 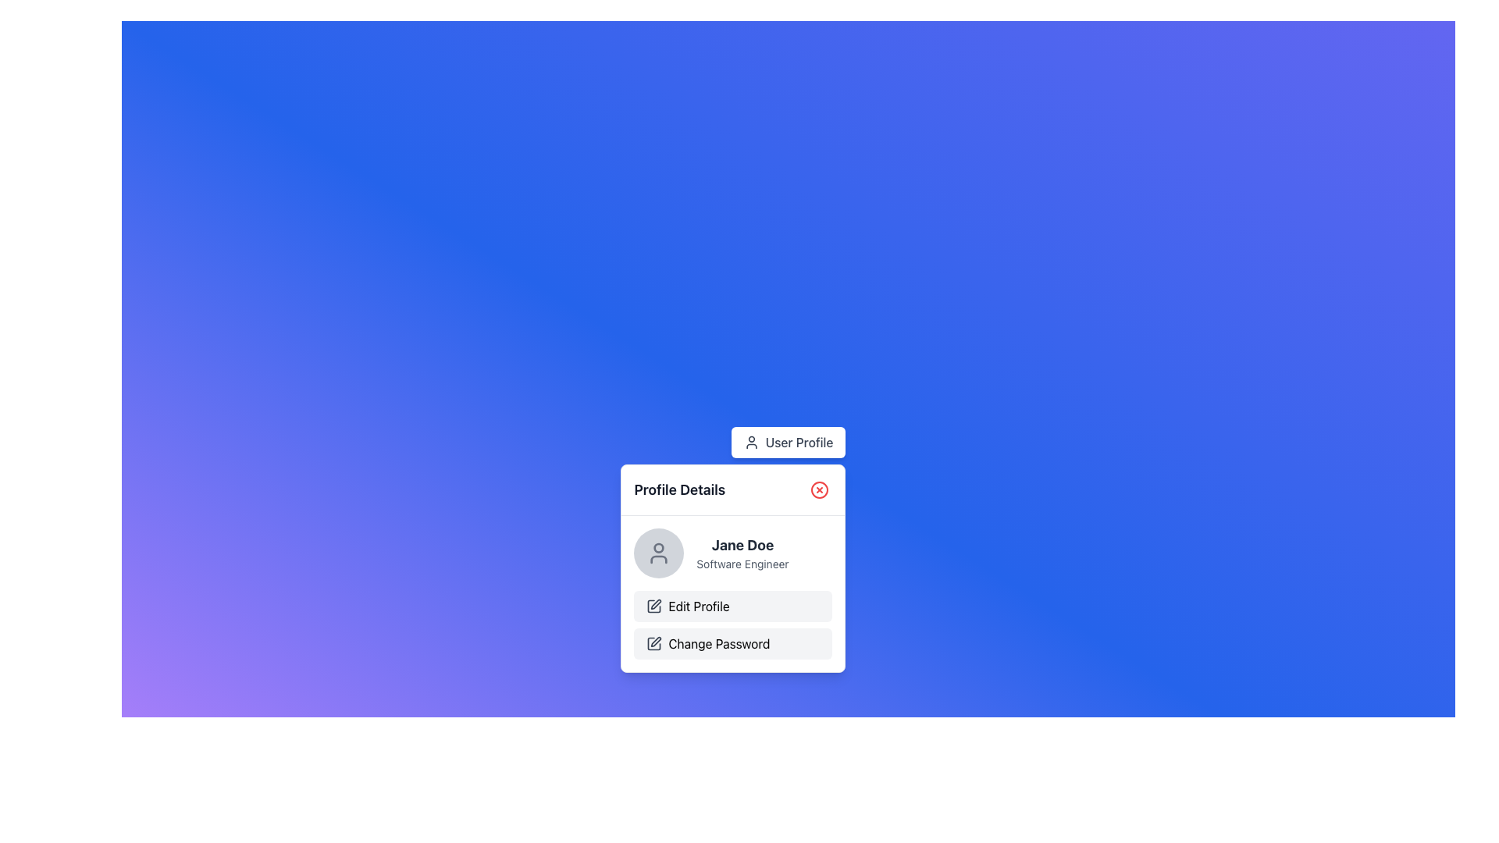 What do you see at coordinates (654, 644) in the screenshot?
I see `the pen icon within the 'Change Password' button, which is positioned at the bottom of the 'Profile Details' card` at bounding box center [654, 644].